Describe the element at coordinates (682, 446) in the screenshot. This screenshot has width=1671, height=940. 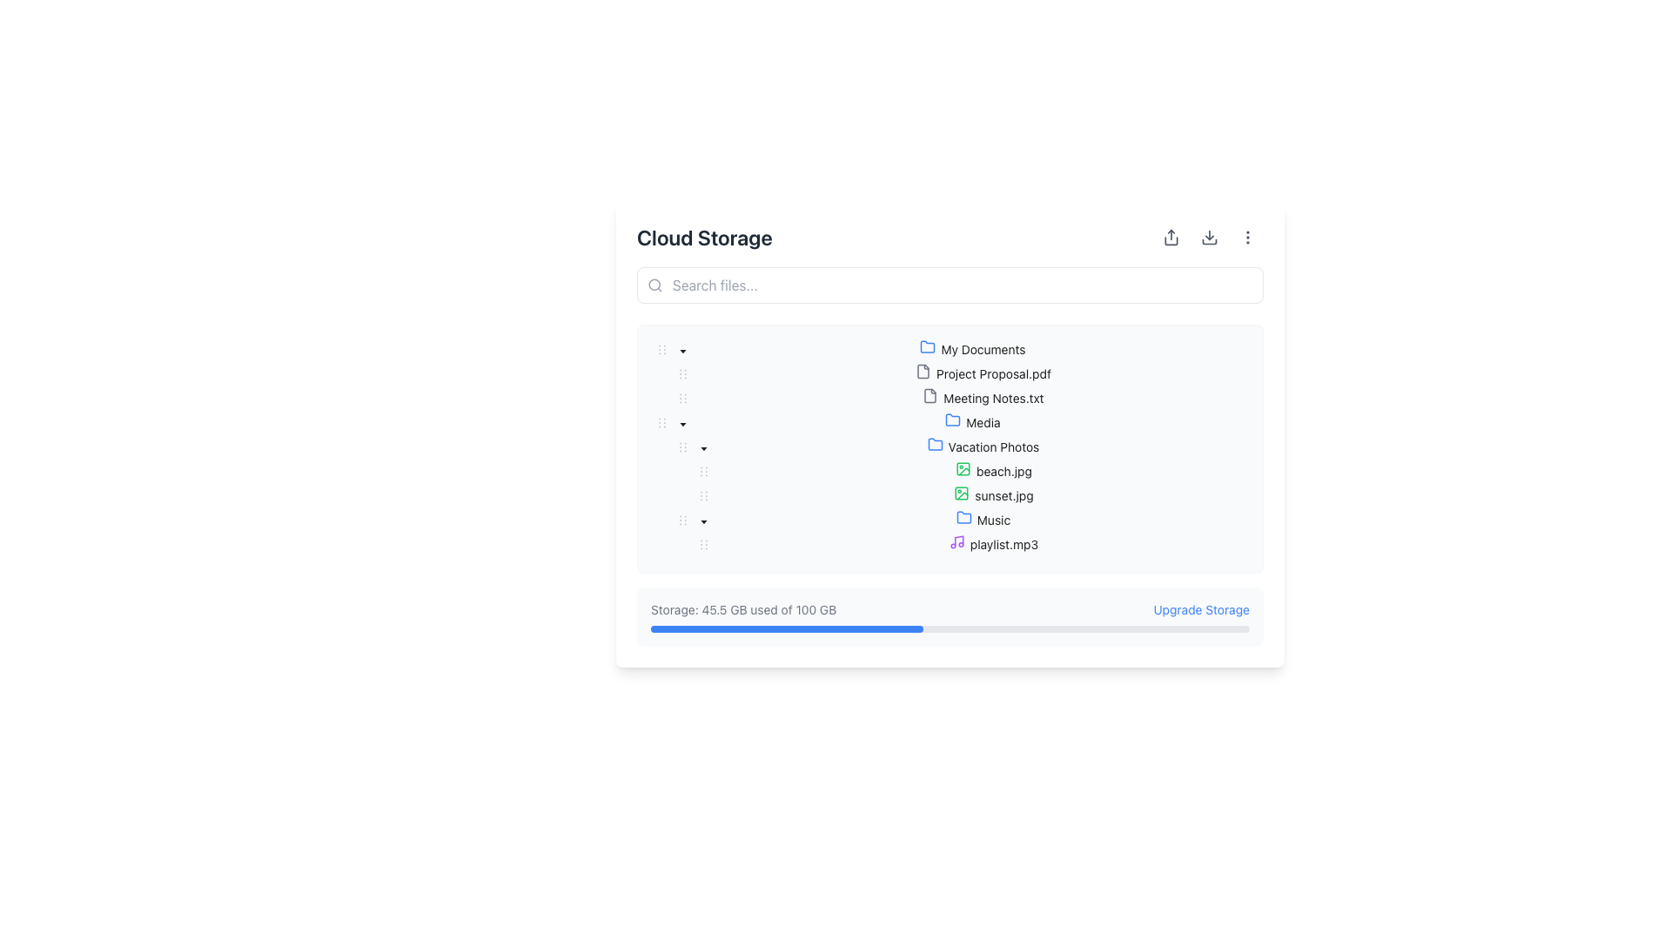
I see `the icon located in the expandable/collapsible tree view control of the 'Media' folder row, which serves as a graphical cue for dragging or holding functionality` at that location.